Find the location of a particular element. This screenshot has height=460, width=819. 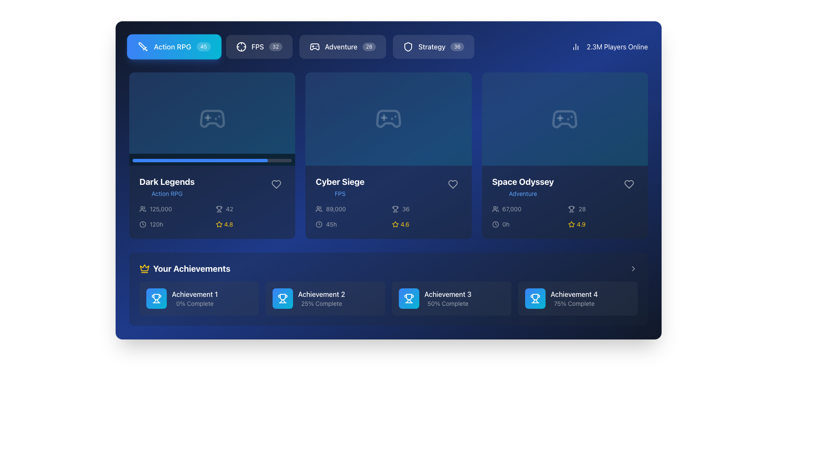

the 'Cyber Siege' text label element, which displays the title in bold, white typeface on a dark blue background, located within the second card of game information panels is located at coordinates (340, 181).